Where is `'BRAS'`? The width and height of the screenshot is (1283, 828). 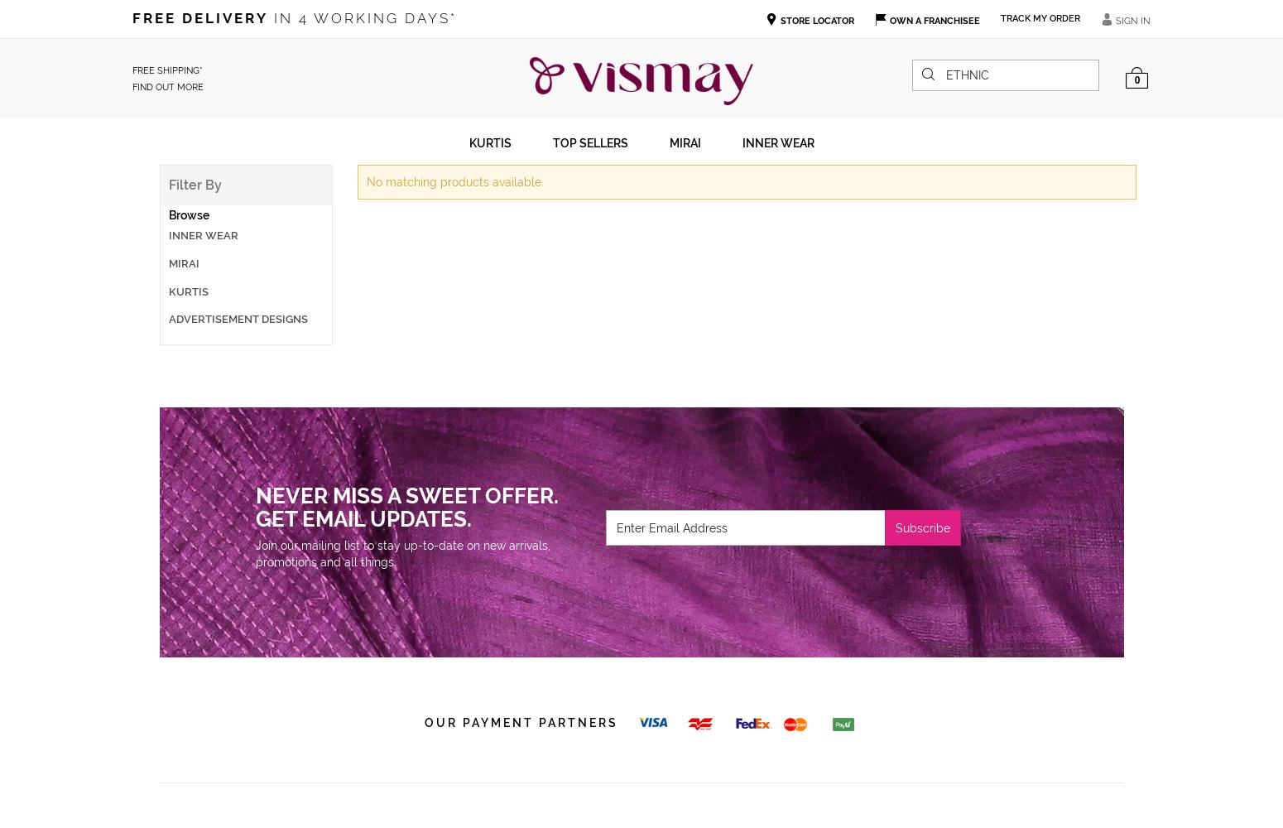
'BRAS' is located at coordinates (156, 210).